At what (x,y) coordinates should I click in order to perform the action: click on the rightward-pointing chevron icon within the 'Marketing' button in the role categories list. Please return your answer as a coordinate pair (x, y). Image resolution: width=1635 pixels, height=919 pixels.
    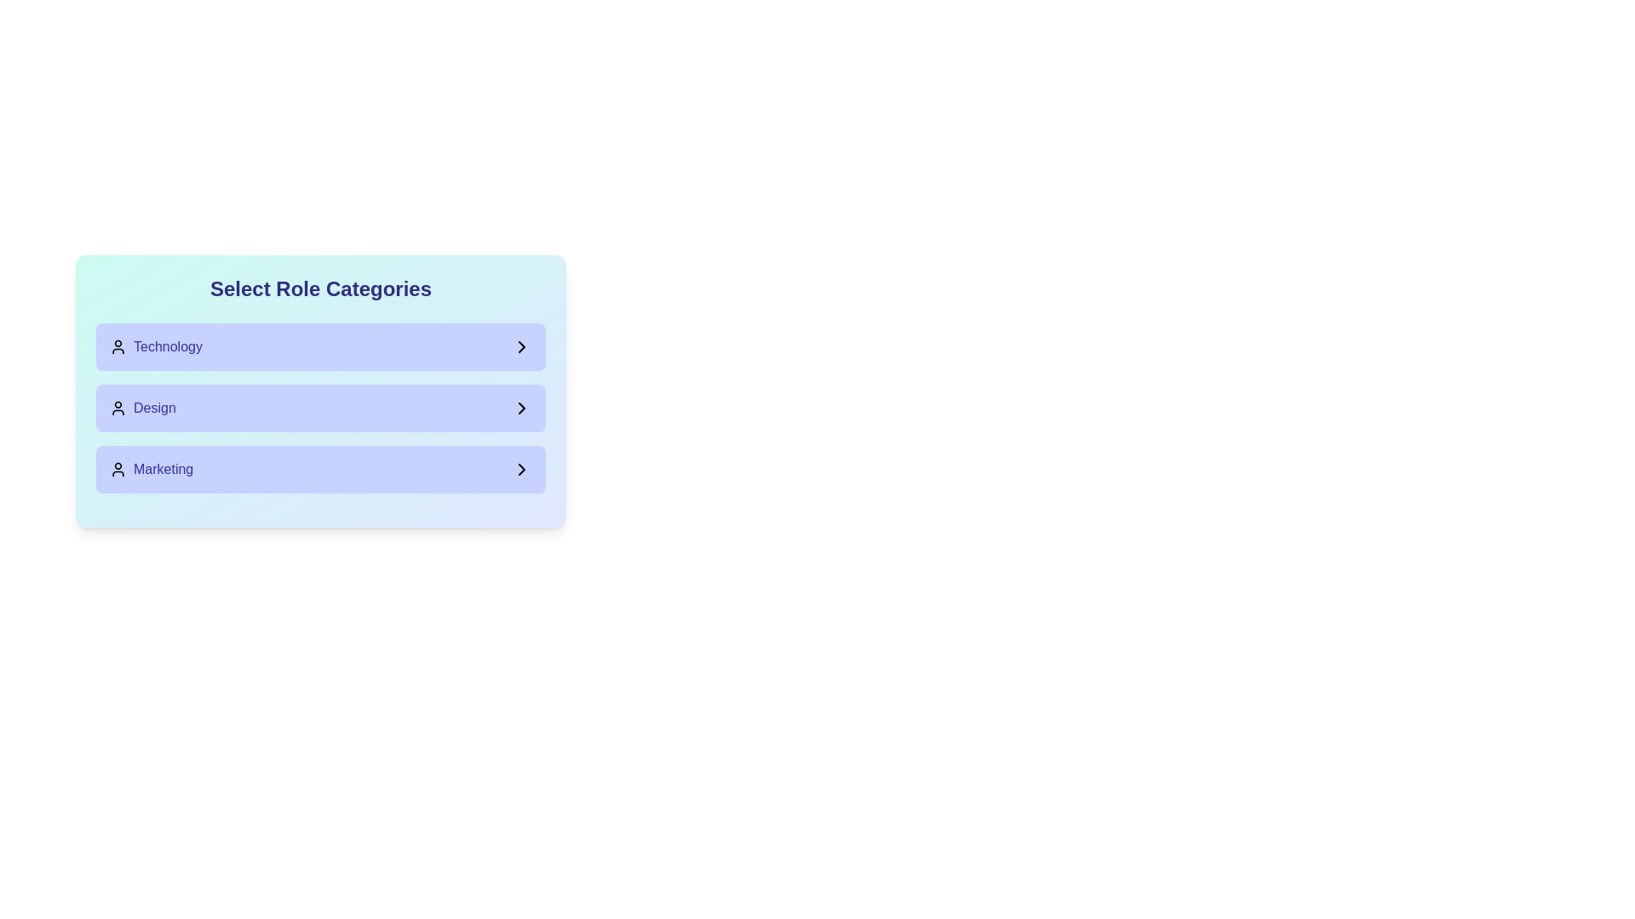
    Looking at the image, I should click on (521, 469).